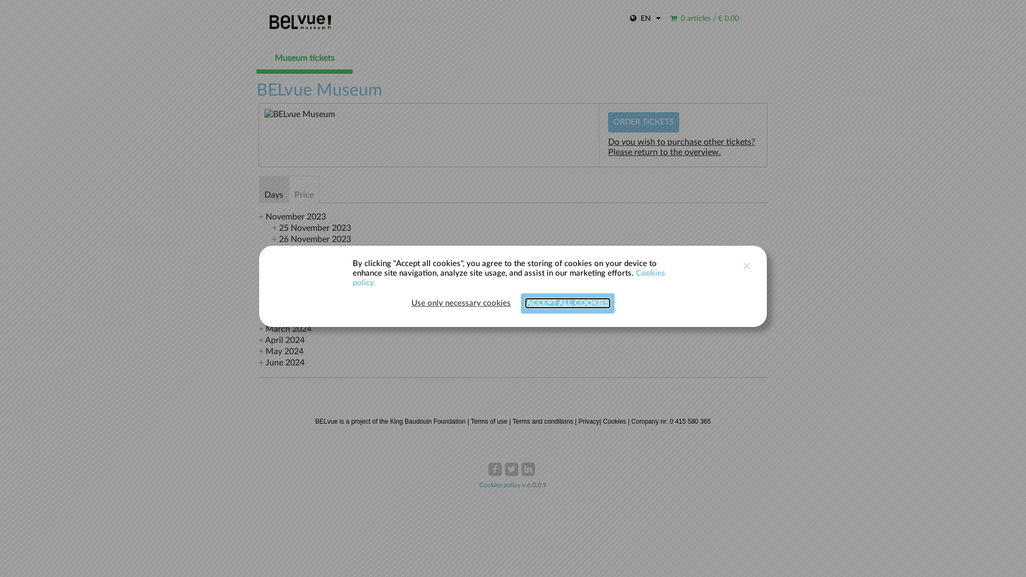 This screenshot has height=577, width=1026. What do you see at coordinates (314, 228) in the screenshot?
I see `'25 November 2023'` at bounding box center [314, 228].